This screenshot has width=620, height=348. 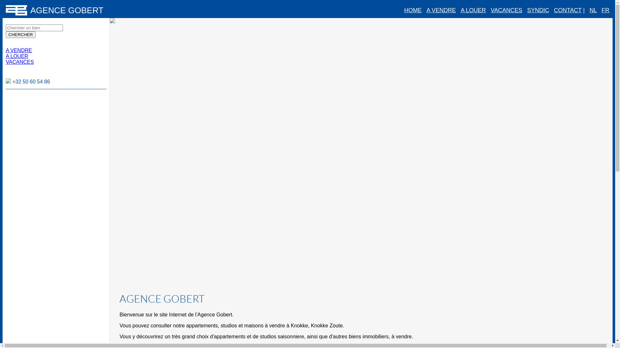 I want to click on 'A VENDRE', so click(x=441, y=10).